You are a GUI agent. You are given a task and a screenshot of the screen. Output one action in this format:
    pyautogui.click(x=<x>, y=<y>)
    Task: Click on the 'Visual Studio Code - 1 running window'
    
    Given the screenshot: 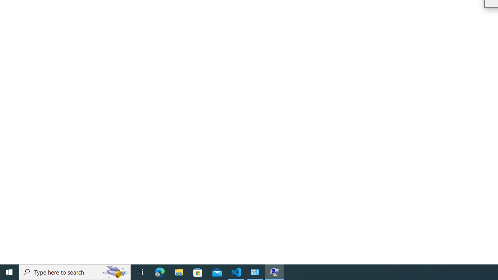 What is the action you would take?
    pyautogui.click(x=236, y=271)
    